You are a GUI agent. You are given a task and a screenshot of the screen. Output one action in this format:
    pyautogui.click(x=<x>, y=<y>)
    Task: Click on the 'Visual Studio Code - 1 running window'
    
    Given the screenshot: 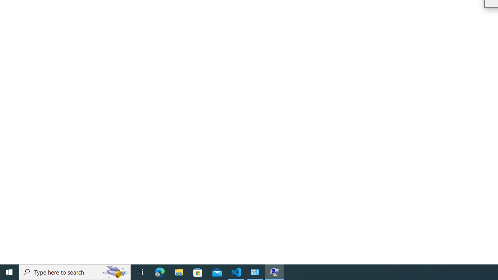 What is the action you would take?
    pyautogui.click(x=236, y=271)
    